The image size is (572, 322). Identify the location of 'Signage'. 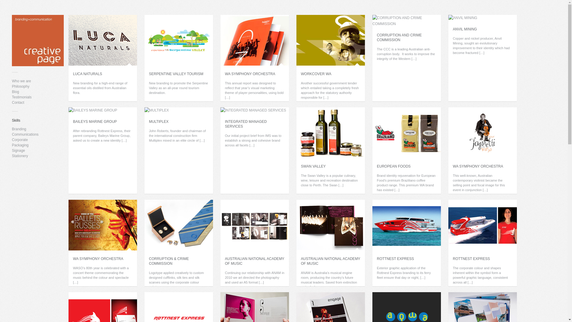
(18, 150).